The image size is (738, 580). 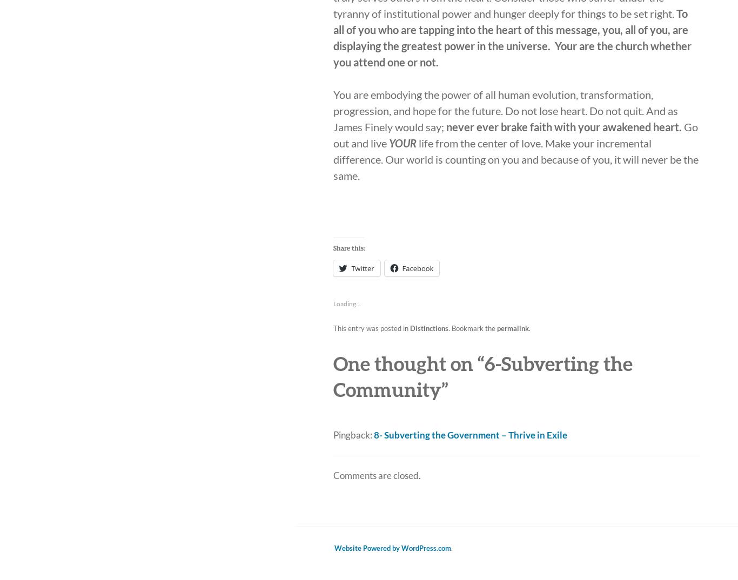 I want to click on 'permalink', so click(x=513, y=328).